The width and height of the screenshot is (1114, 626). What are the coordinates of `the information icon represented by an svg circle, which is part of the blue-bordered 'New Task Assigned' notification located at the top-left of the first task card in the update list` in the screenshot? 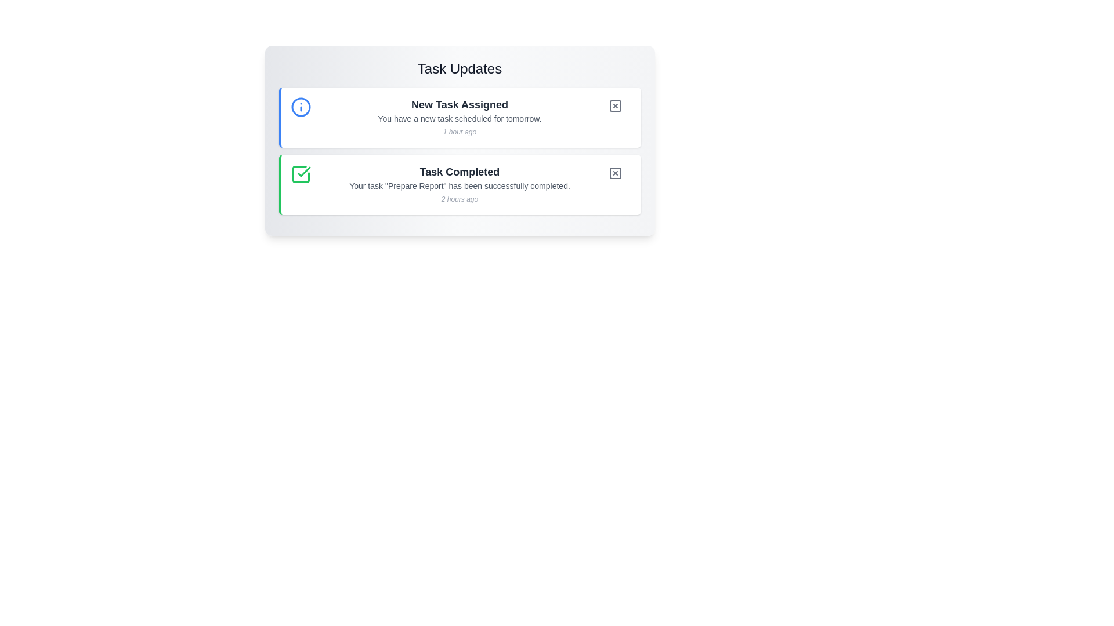 It's located at (301, 107).